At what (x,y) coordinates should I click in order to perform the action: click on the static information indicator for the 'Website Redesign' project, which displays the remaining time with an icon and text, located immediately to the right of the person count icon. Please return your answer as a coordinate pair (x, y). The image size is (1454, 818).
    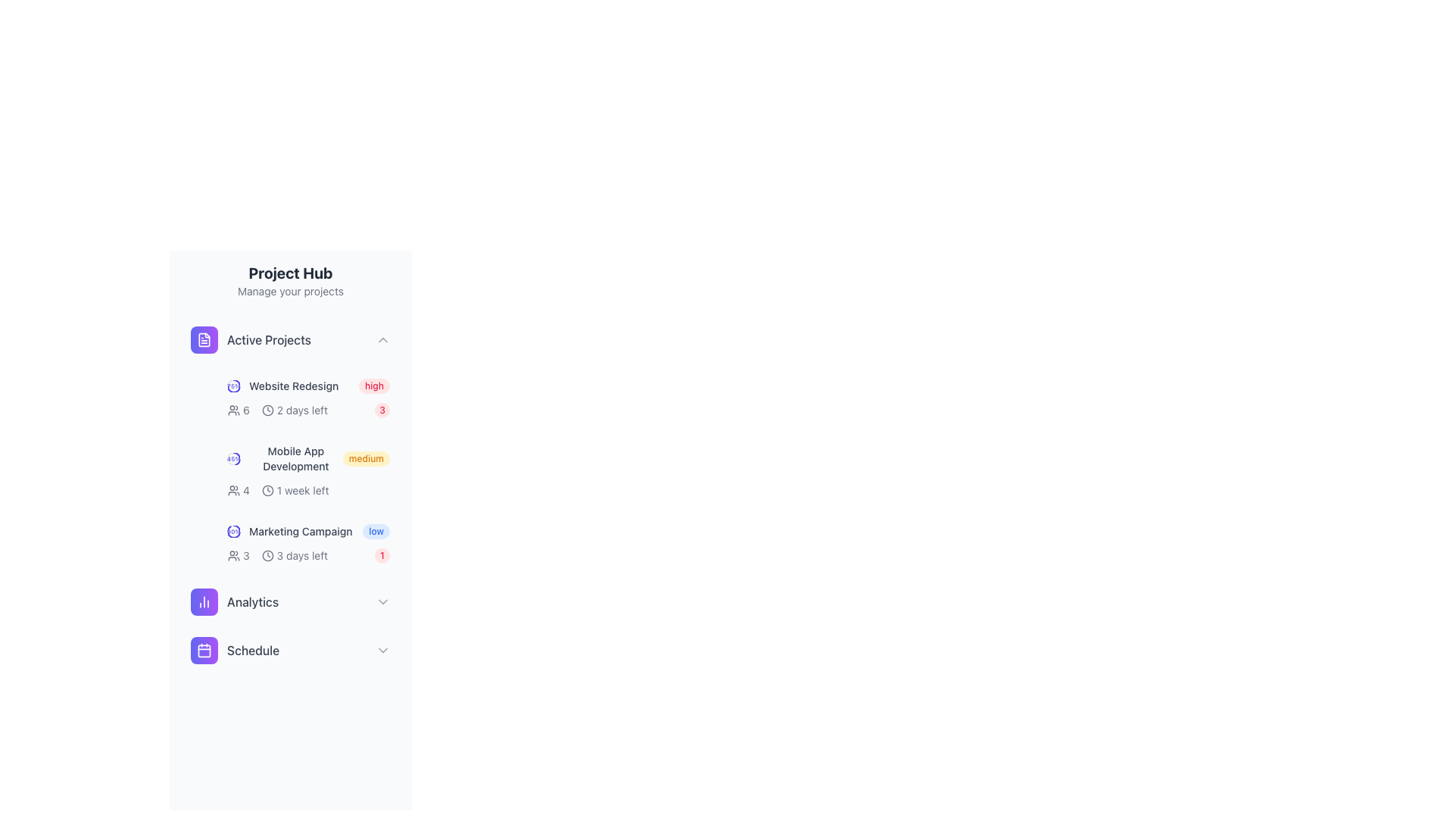
    Looking at the image, I should click on (295, 411).